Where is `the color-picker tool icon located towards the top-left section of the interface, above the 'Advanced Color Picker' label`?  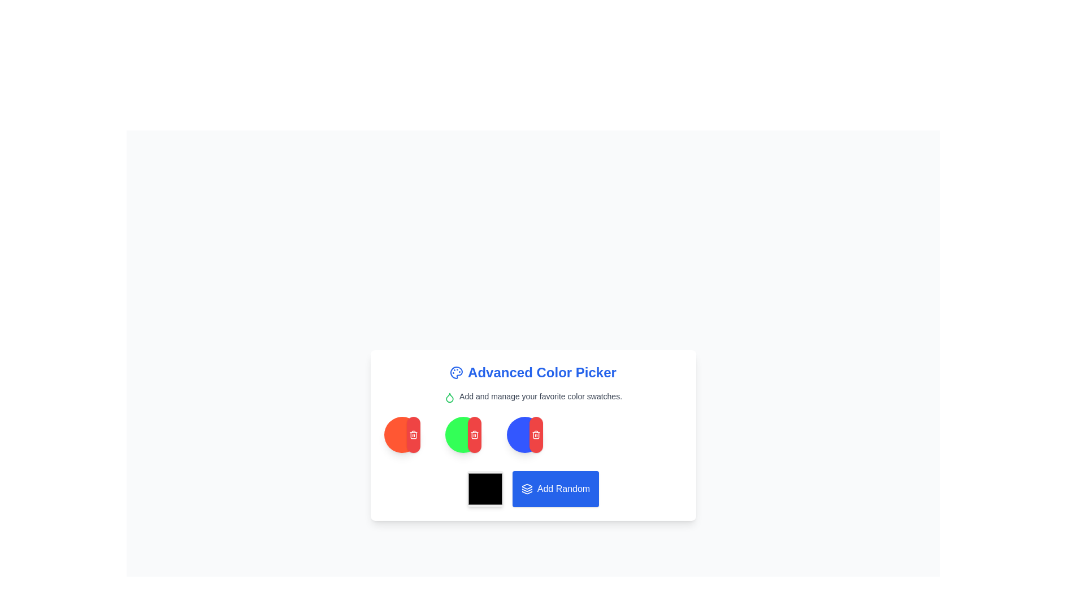 the color-picker tool icon located towards the top-left section of the interface, above the 'Advanced Color Picker' label is located at coordinates (457, 373).